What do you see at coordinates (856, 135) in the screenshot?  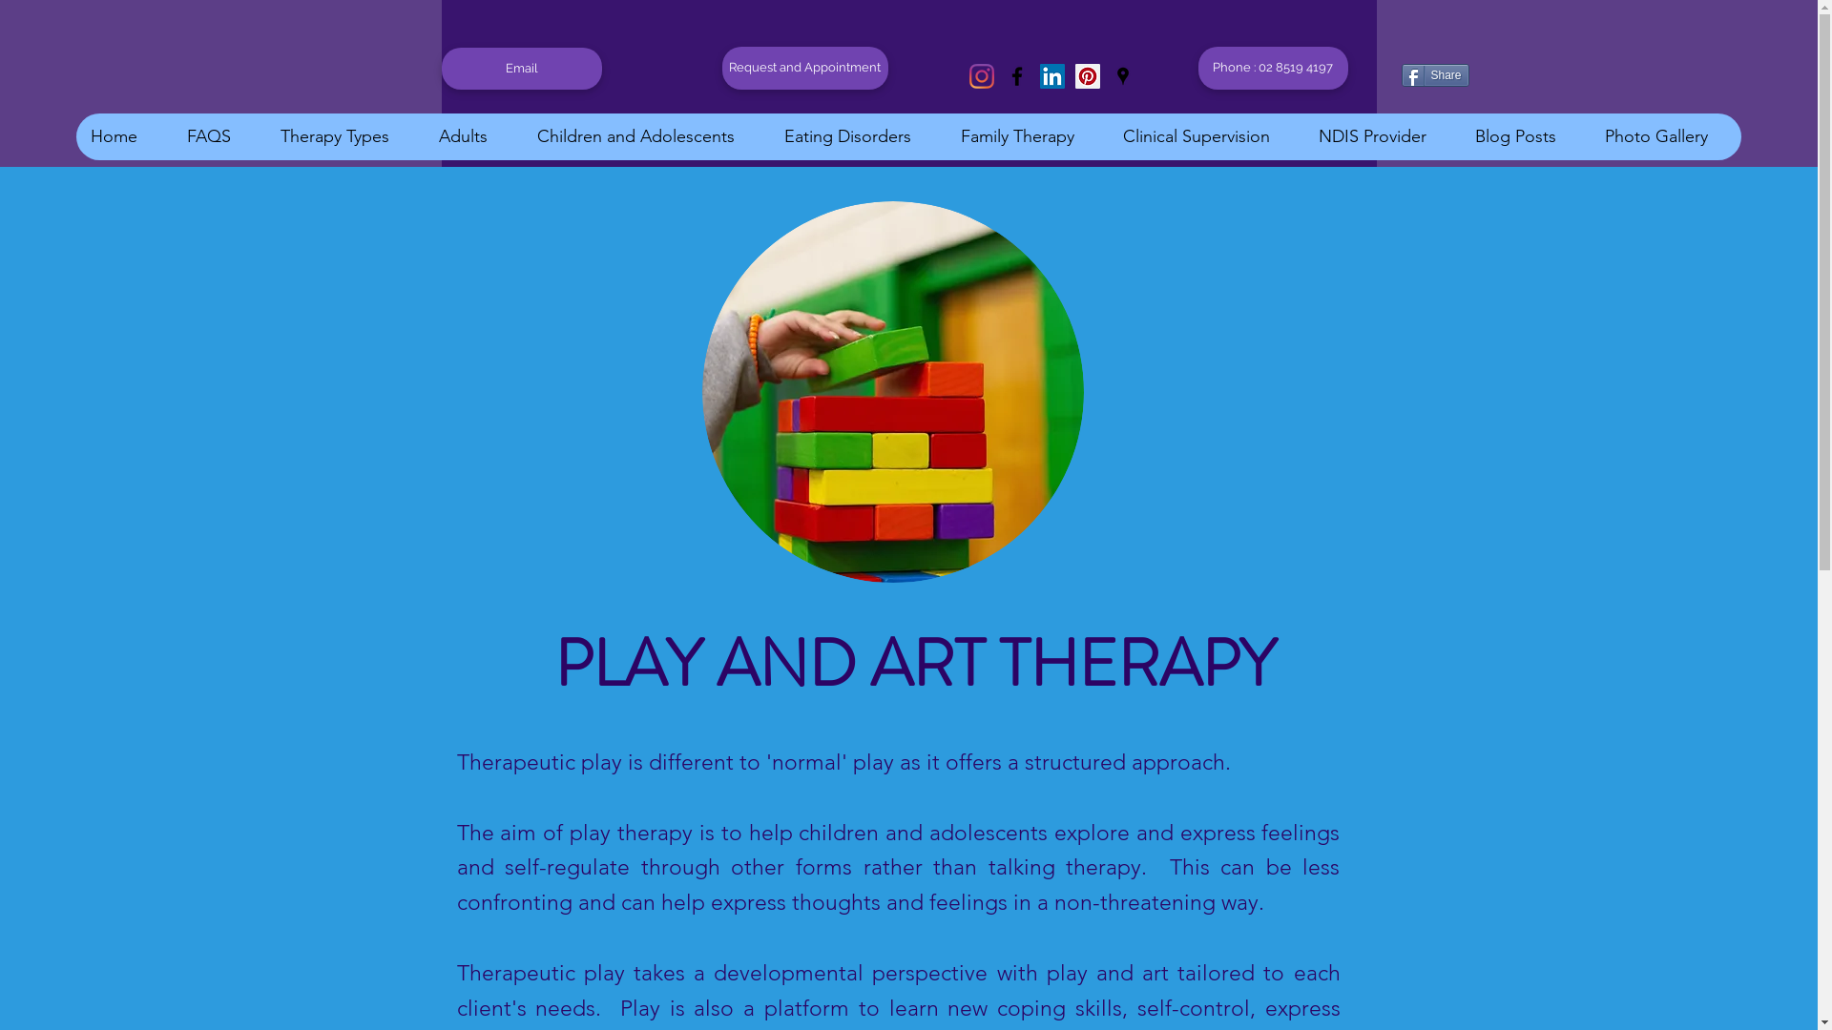 I see `'Eating Disorders'` at bounding box center [856, 135].